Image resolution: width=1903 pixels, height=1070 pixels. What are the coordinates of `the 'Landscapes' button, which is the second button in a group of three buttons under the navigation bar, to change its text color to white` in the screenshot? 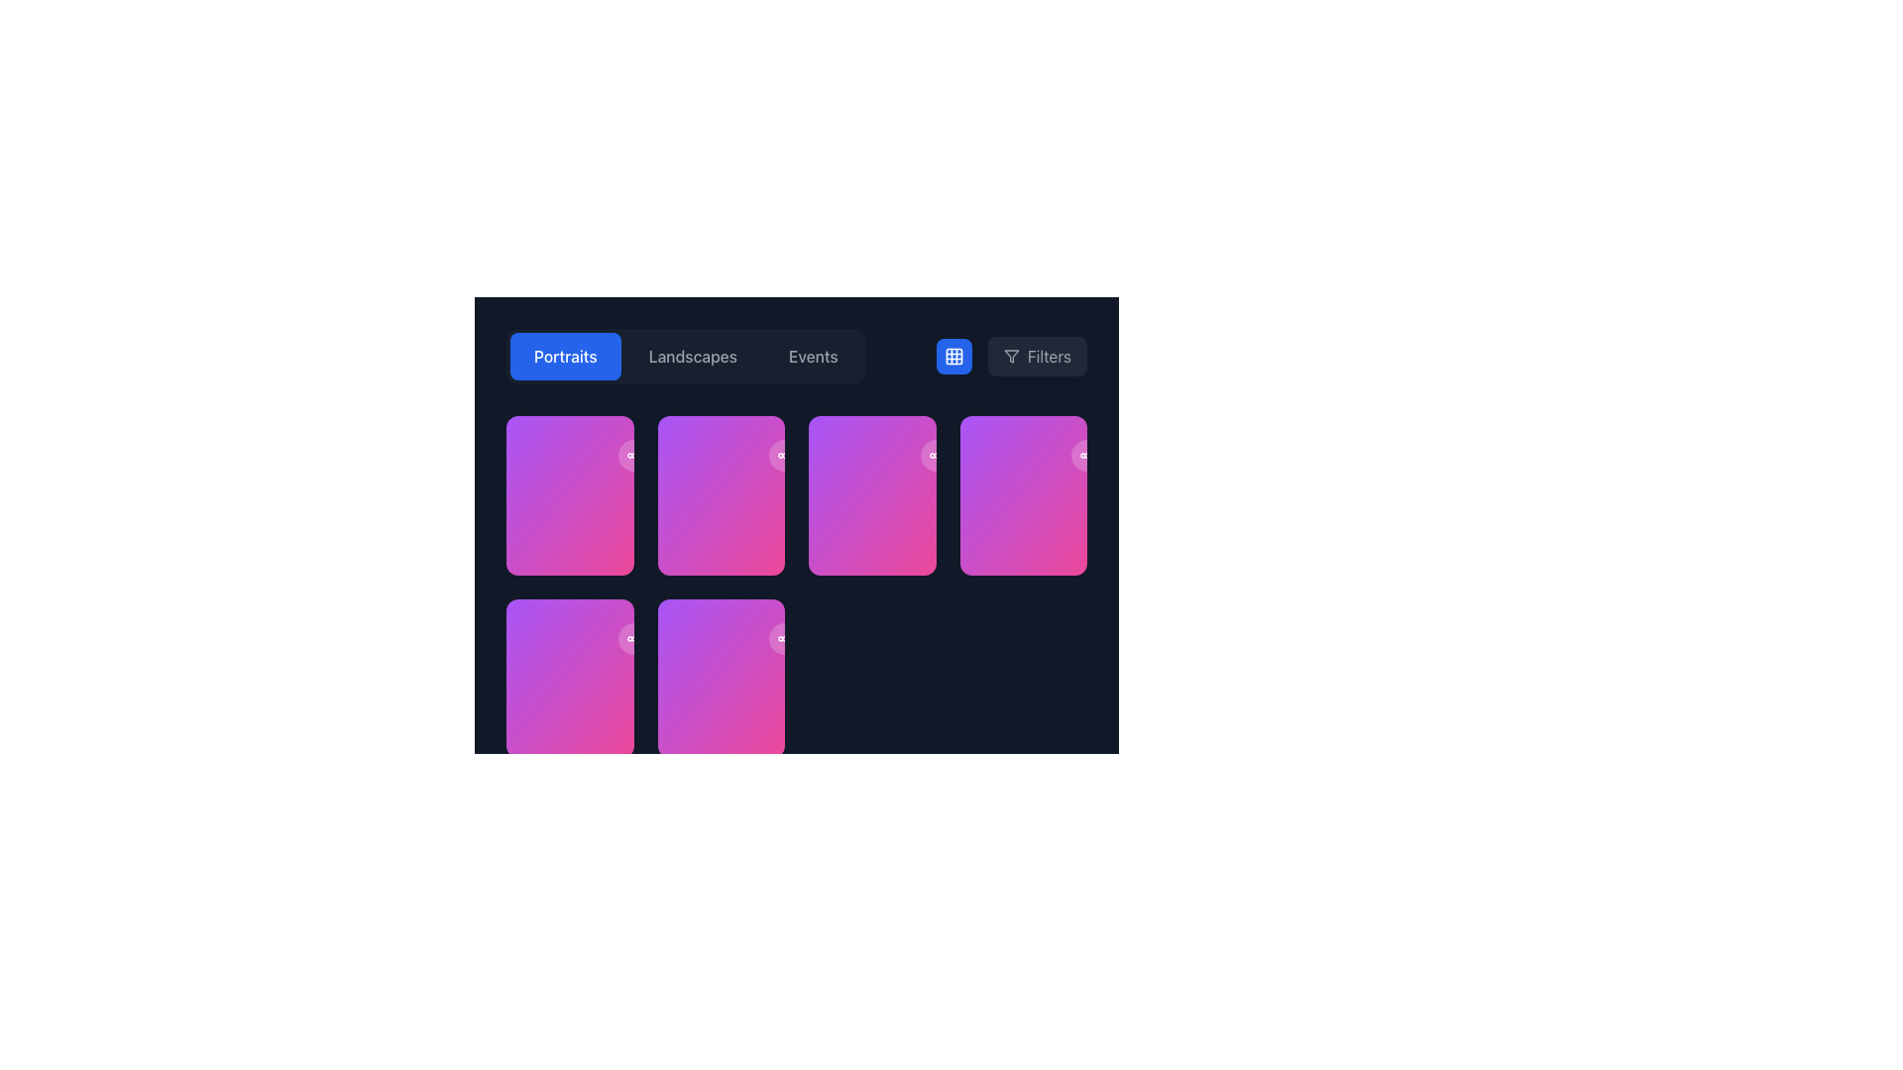 It's located at (693, 355).